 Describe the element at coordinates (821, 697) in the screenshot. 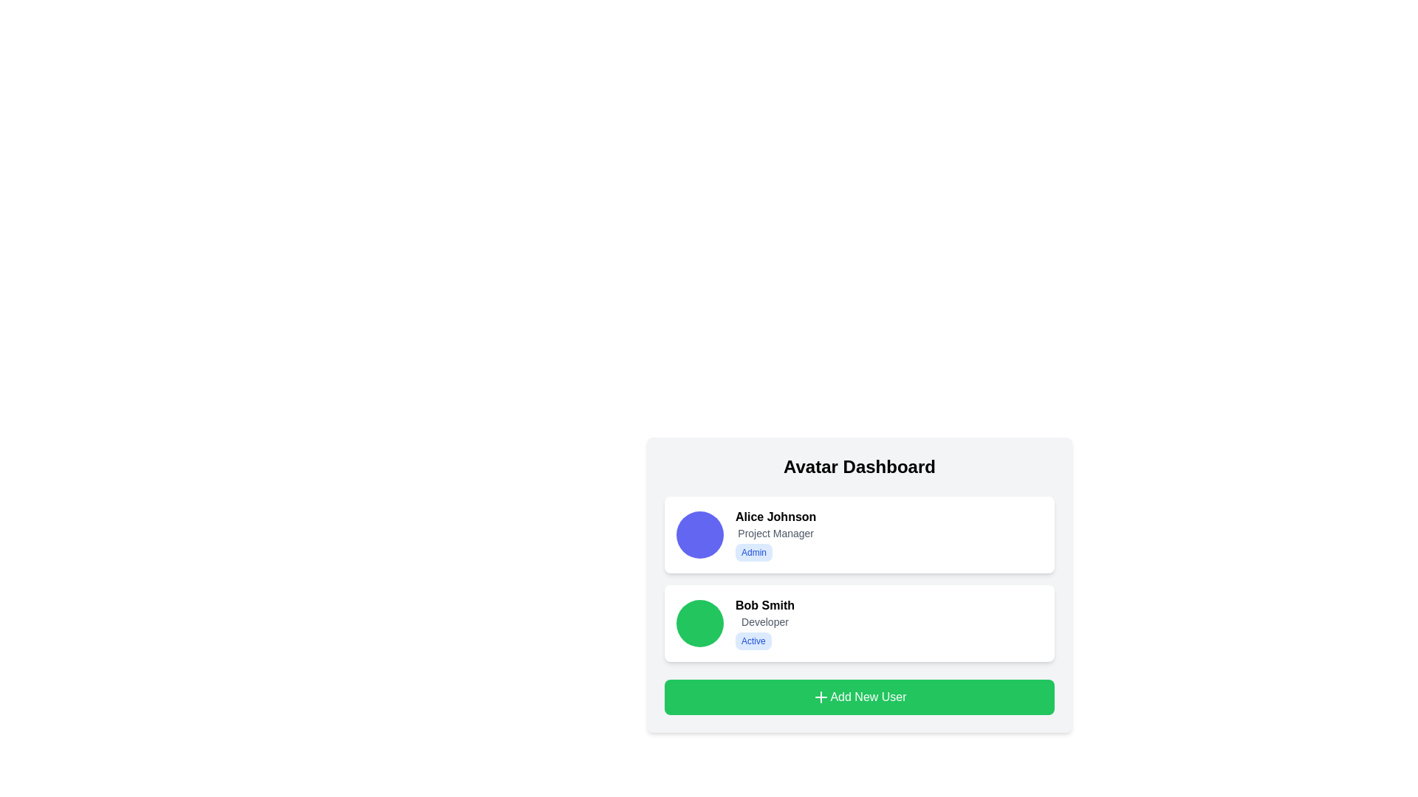

I see `the plus icon within the green button labeled 'Add New User'` at that location.